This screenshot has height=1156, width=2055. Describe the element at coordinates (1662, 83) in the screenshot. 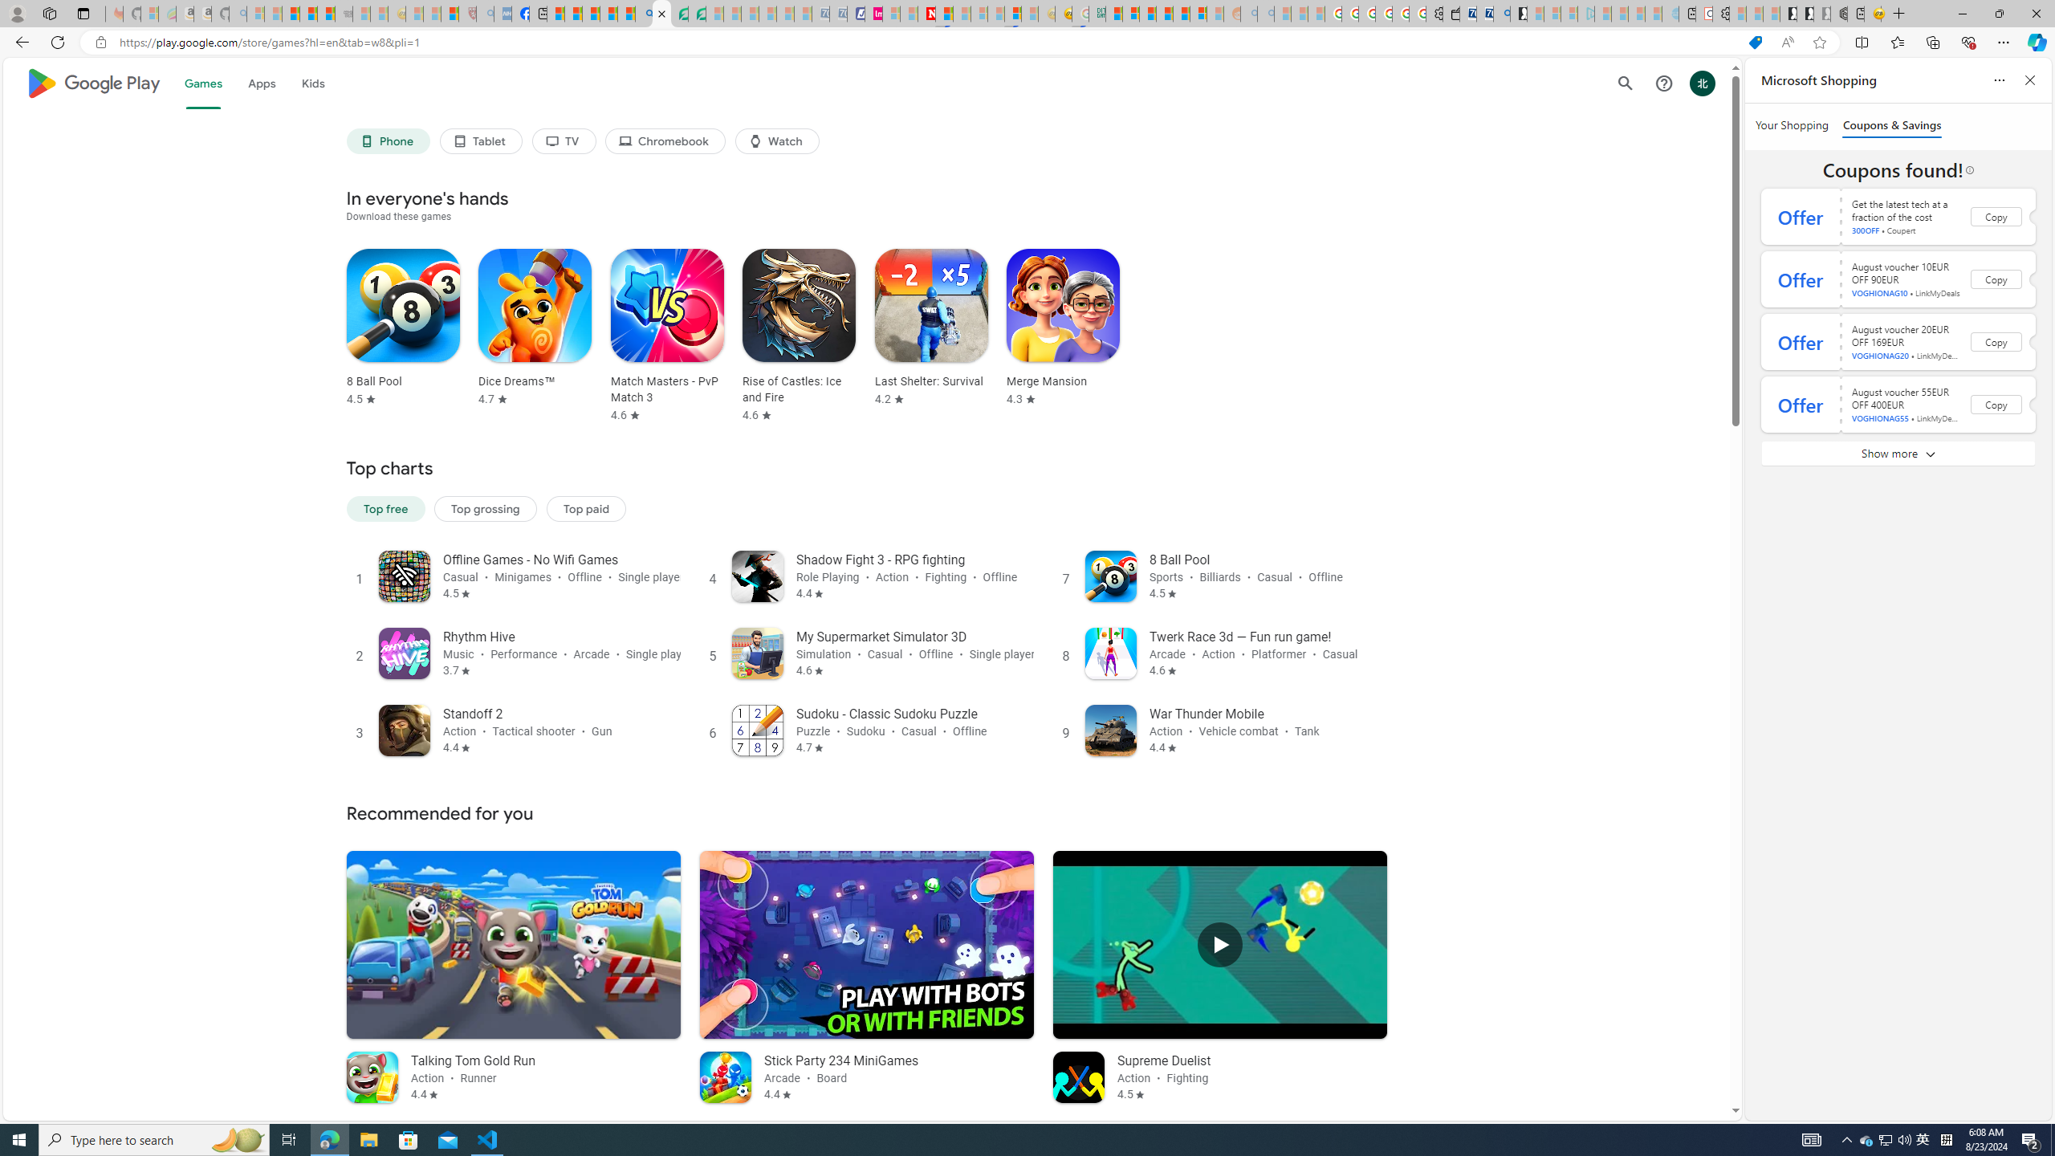

I see `'Help Center'` at that location.